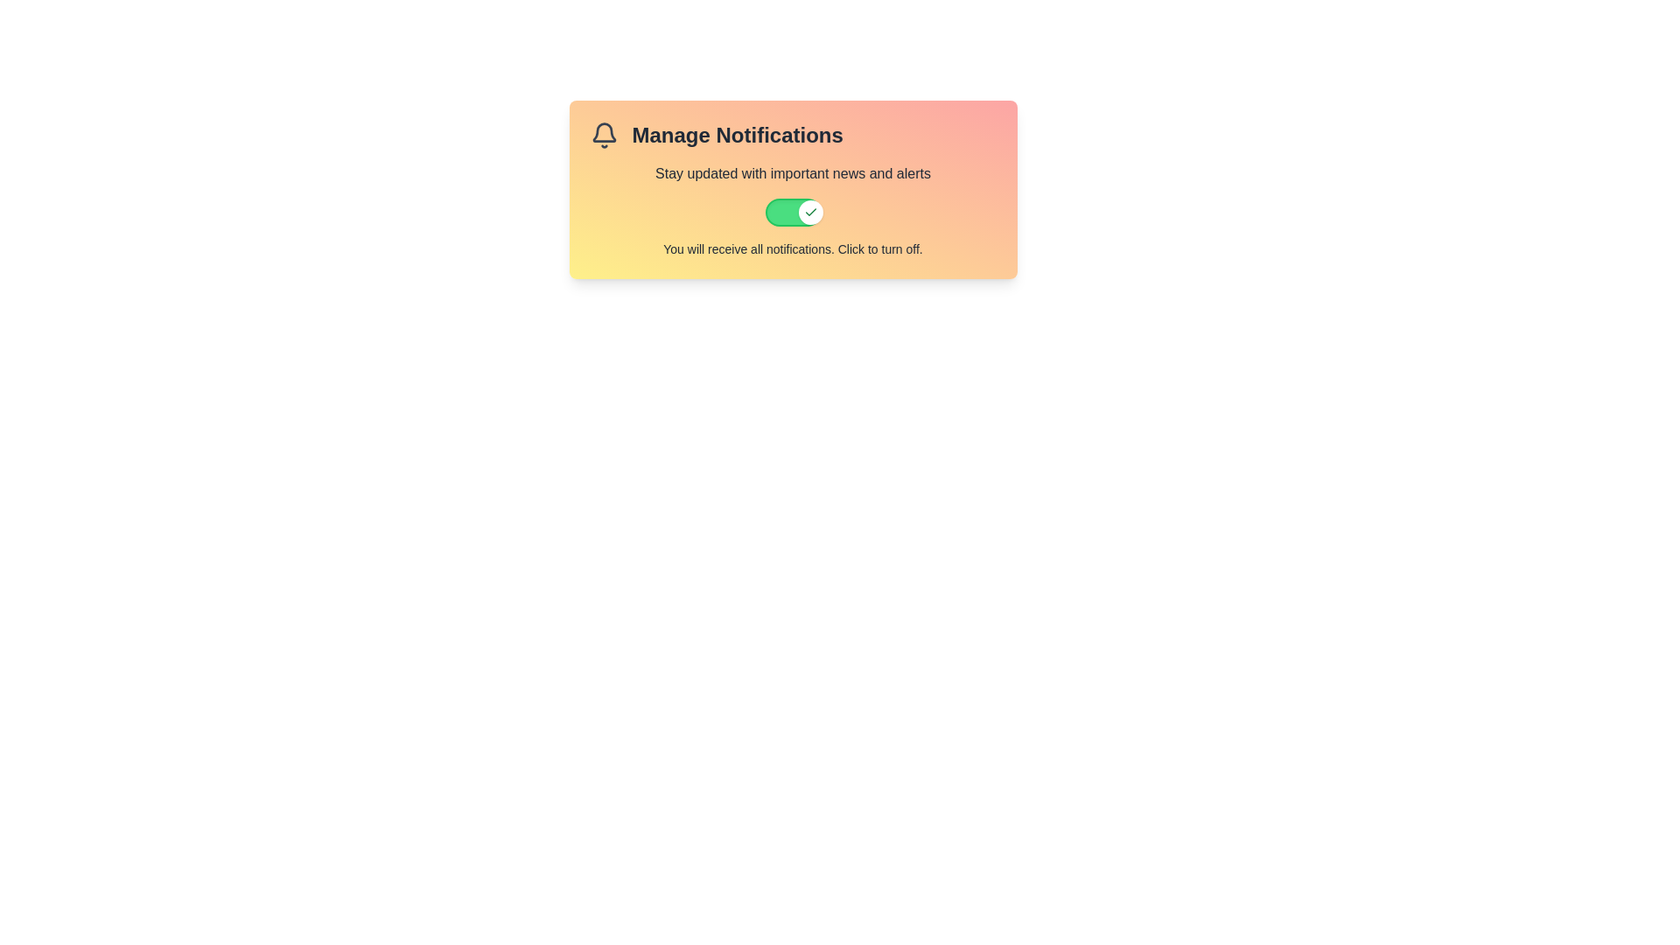 This screenshot has width=1680, height=945. What do you see at coordinates (792, 174) in the screenshot?
I see `the text element displaying 'Stay updated with important news and alerts', which is located below the heading 'Manage Notifications' in the notification card` at bounding box center [792, 174].